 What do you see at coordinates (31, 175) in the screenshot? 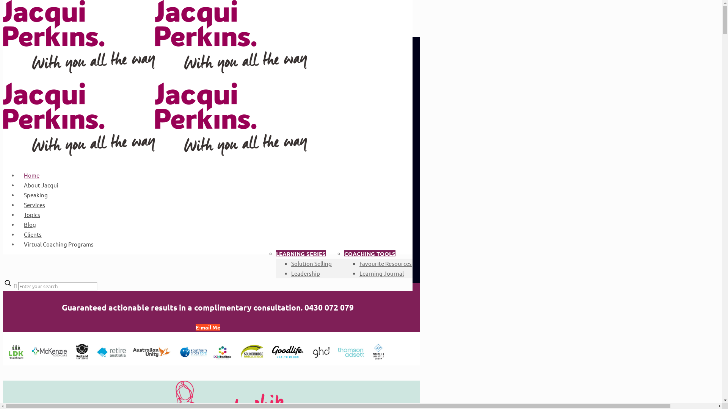
I see `'Home'` at bounding box center [31, 175].